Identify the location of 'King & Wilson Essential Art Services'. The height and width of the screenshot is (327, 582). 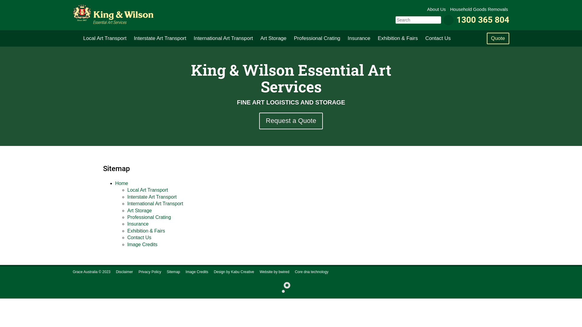
(113, 14).